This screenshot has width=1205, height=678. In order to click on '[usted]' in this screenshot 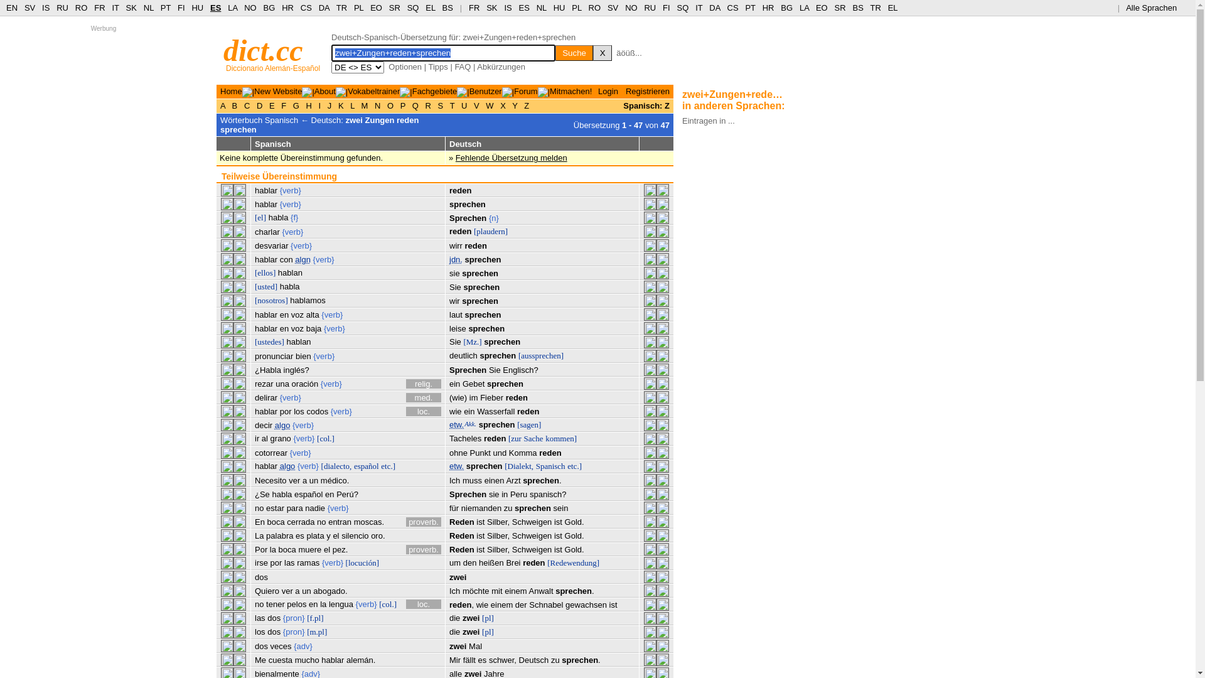, I will do `click(265, 286)`.